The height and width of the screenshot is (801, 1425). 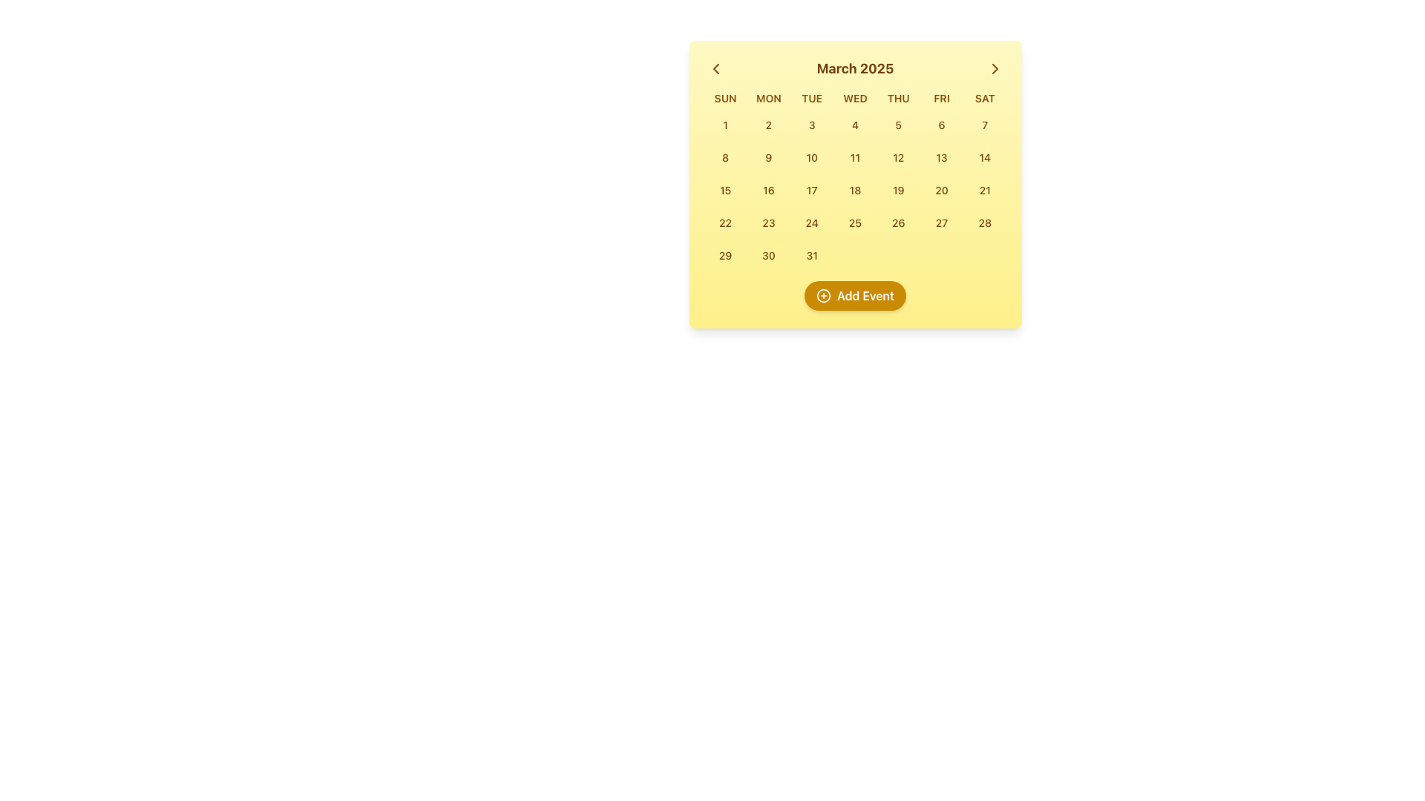 I want to click on the bold brown text representing the number '10' in the calendar interface for March 2025, which is highlighted by a yellow circular area, so click(x=811, y=157).